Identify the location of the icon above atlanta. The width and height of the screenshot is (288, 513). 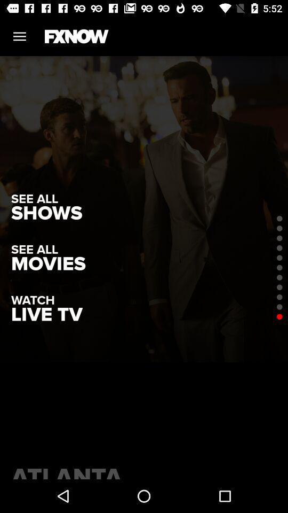
(46, 315).